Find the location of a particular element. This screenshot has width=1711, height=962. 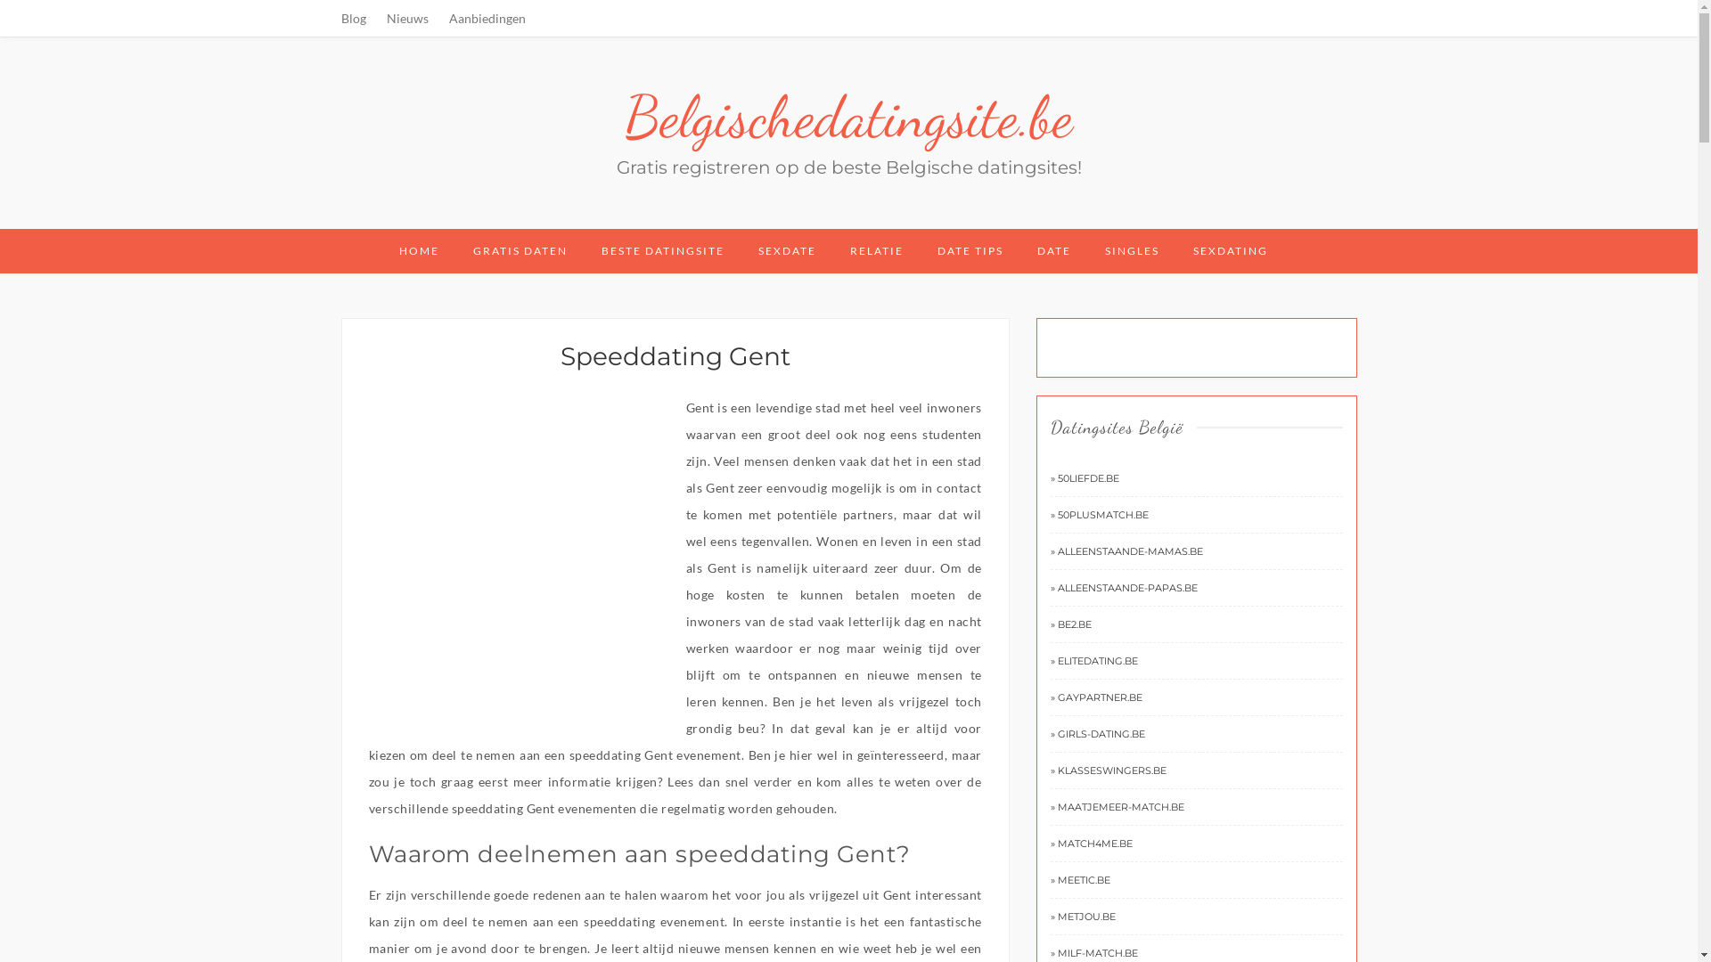

'BESTE DATINGSITE' is located at coordinates (661, 250).